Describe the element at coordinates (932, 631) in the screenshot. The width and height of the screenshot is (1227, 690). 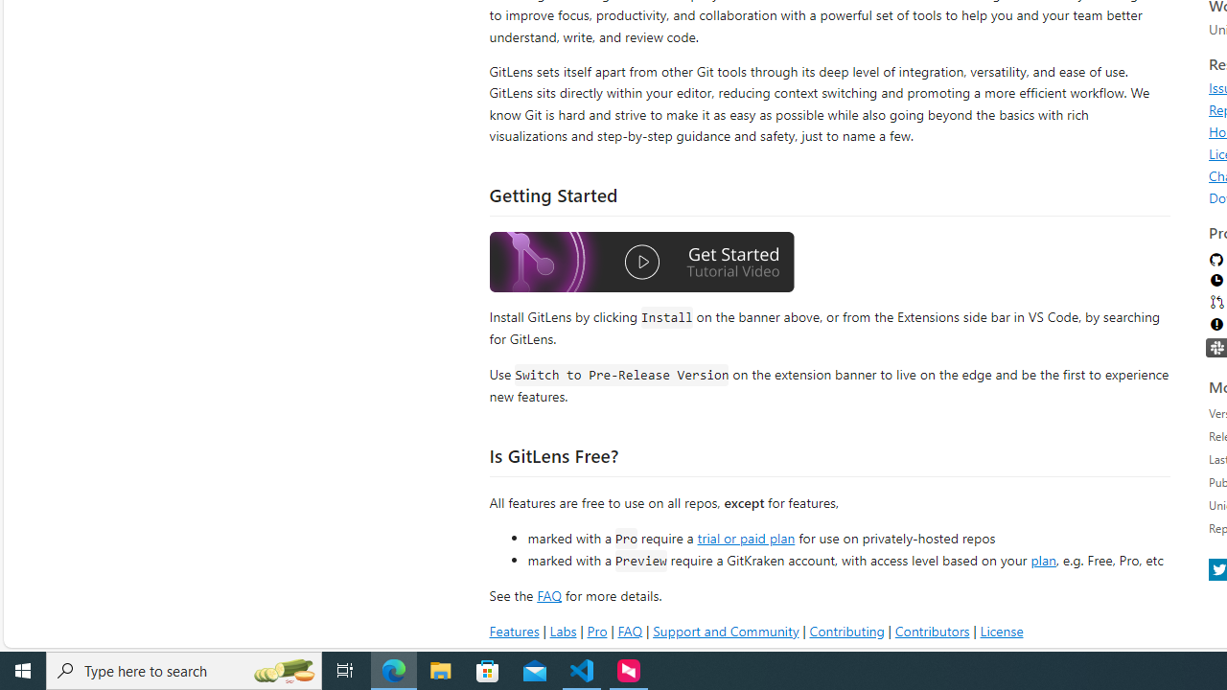
I see `'Contributors'` at that location.